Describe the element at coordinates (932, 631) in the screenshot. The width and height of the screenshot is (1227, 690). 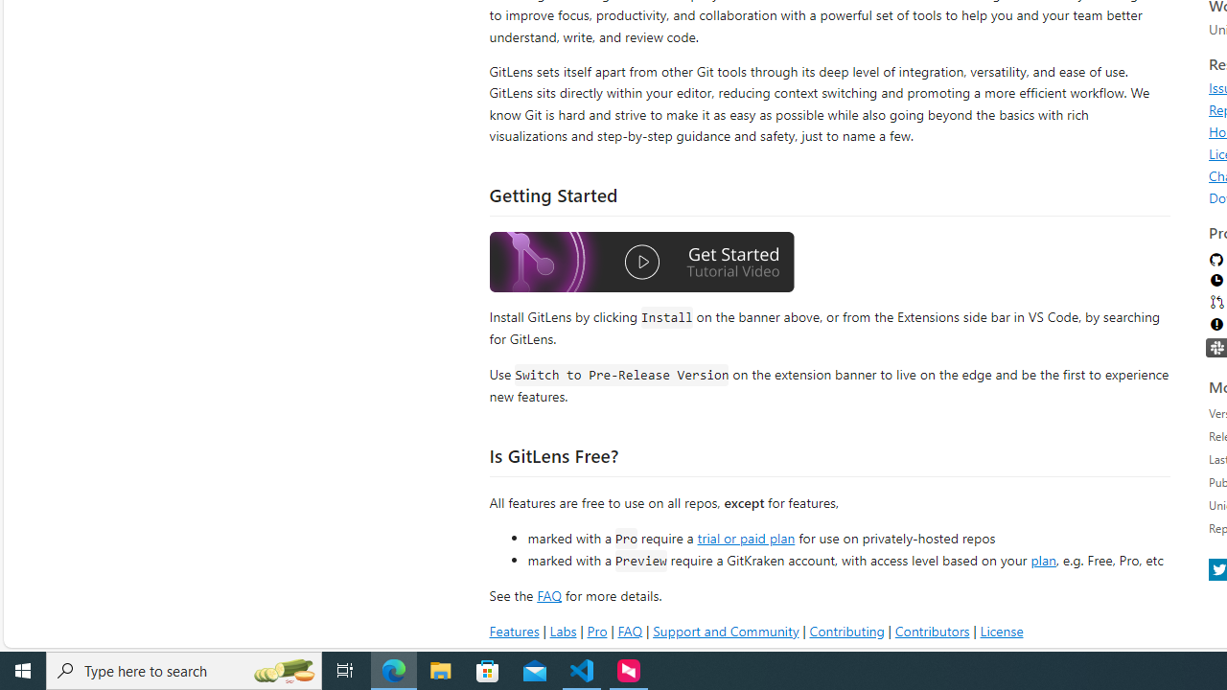
I see `'Contributors'` at that location.